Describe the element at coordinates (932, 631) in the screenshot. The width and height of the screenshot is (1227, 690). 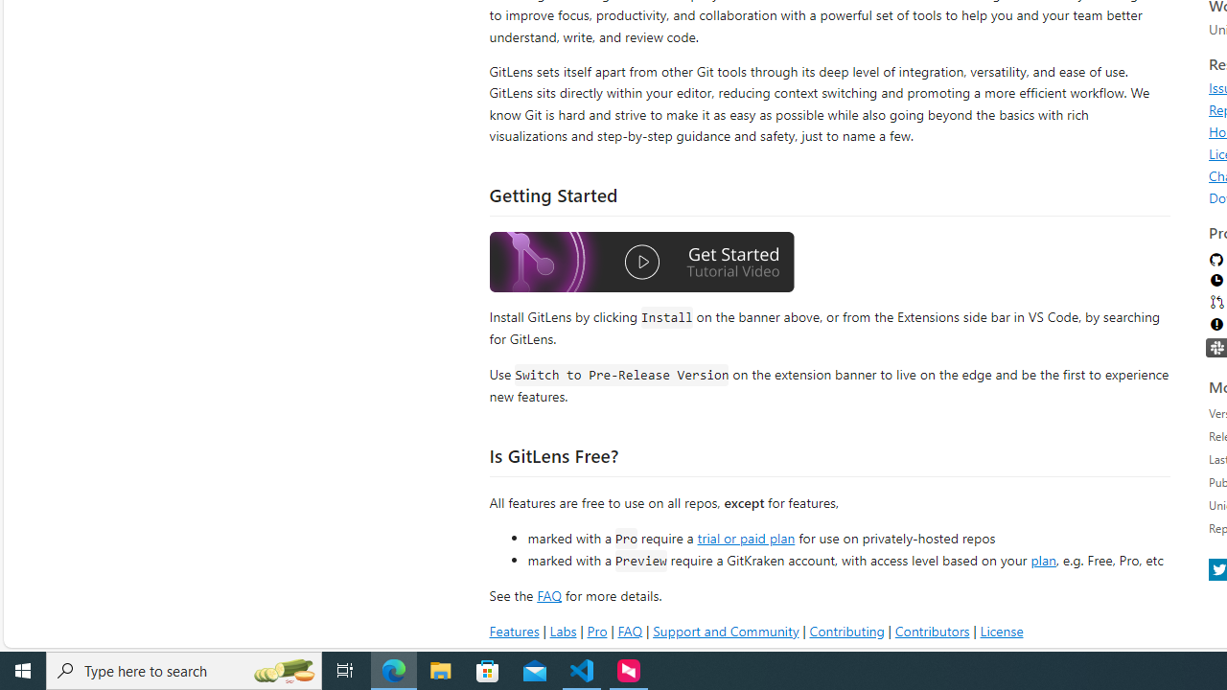
I see `'Contributors'` at that location.